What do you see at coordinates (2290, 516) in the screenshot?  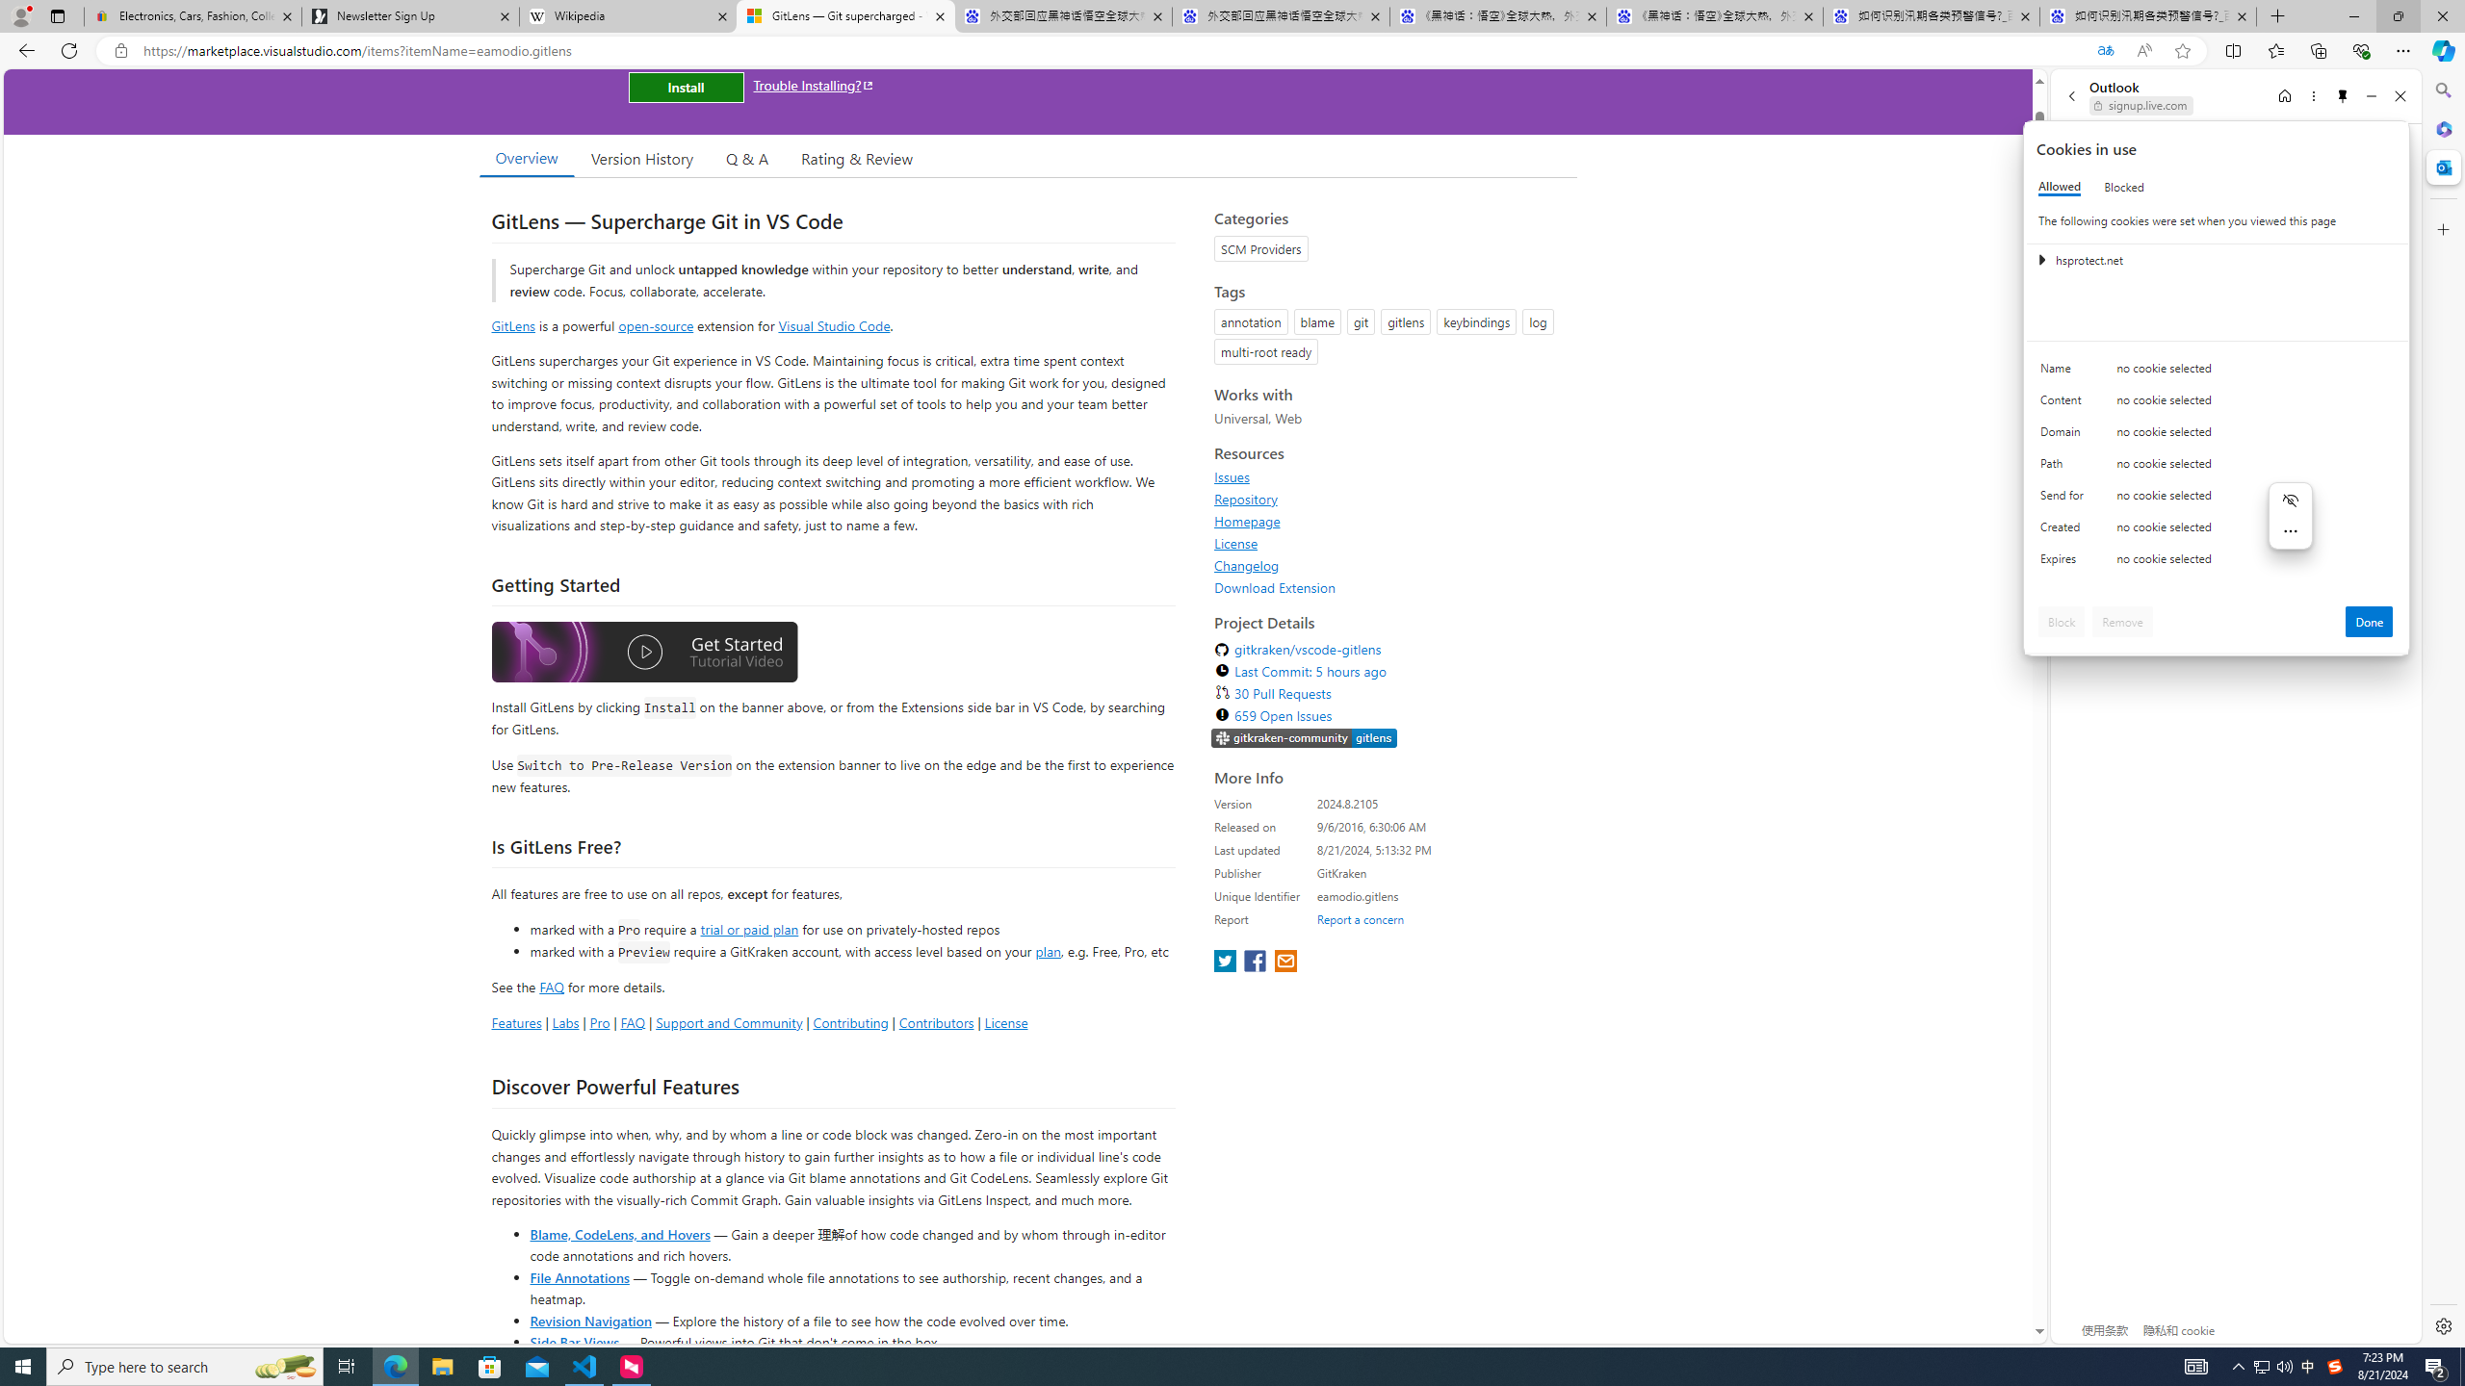 I see `'Mini menu on text selection'` at bounding box center [2290, 516].